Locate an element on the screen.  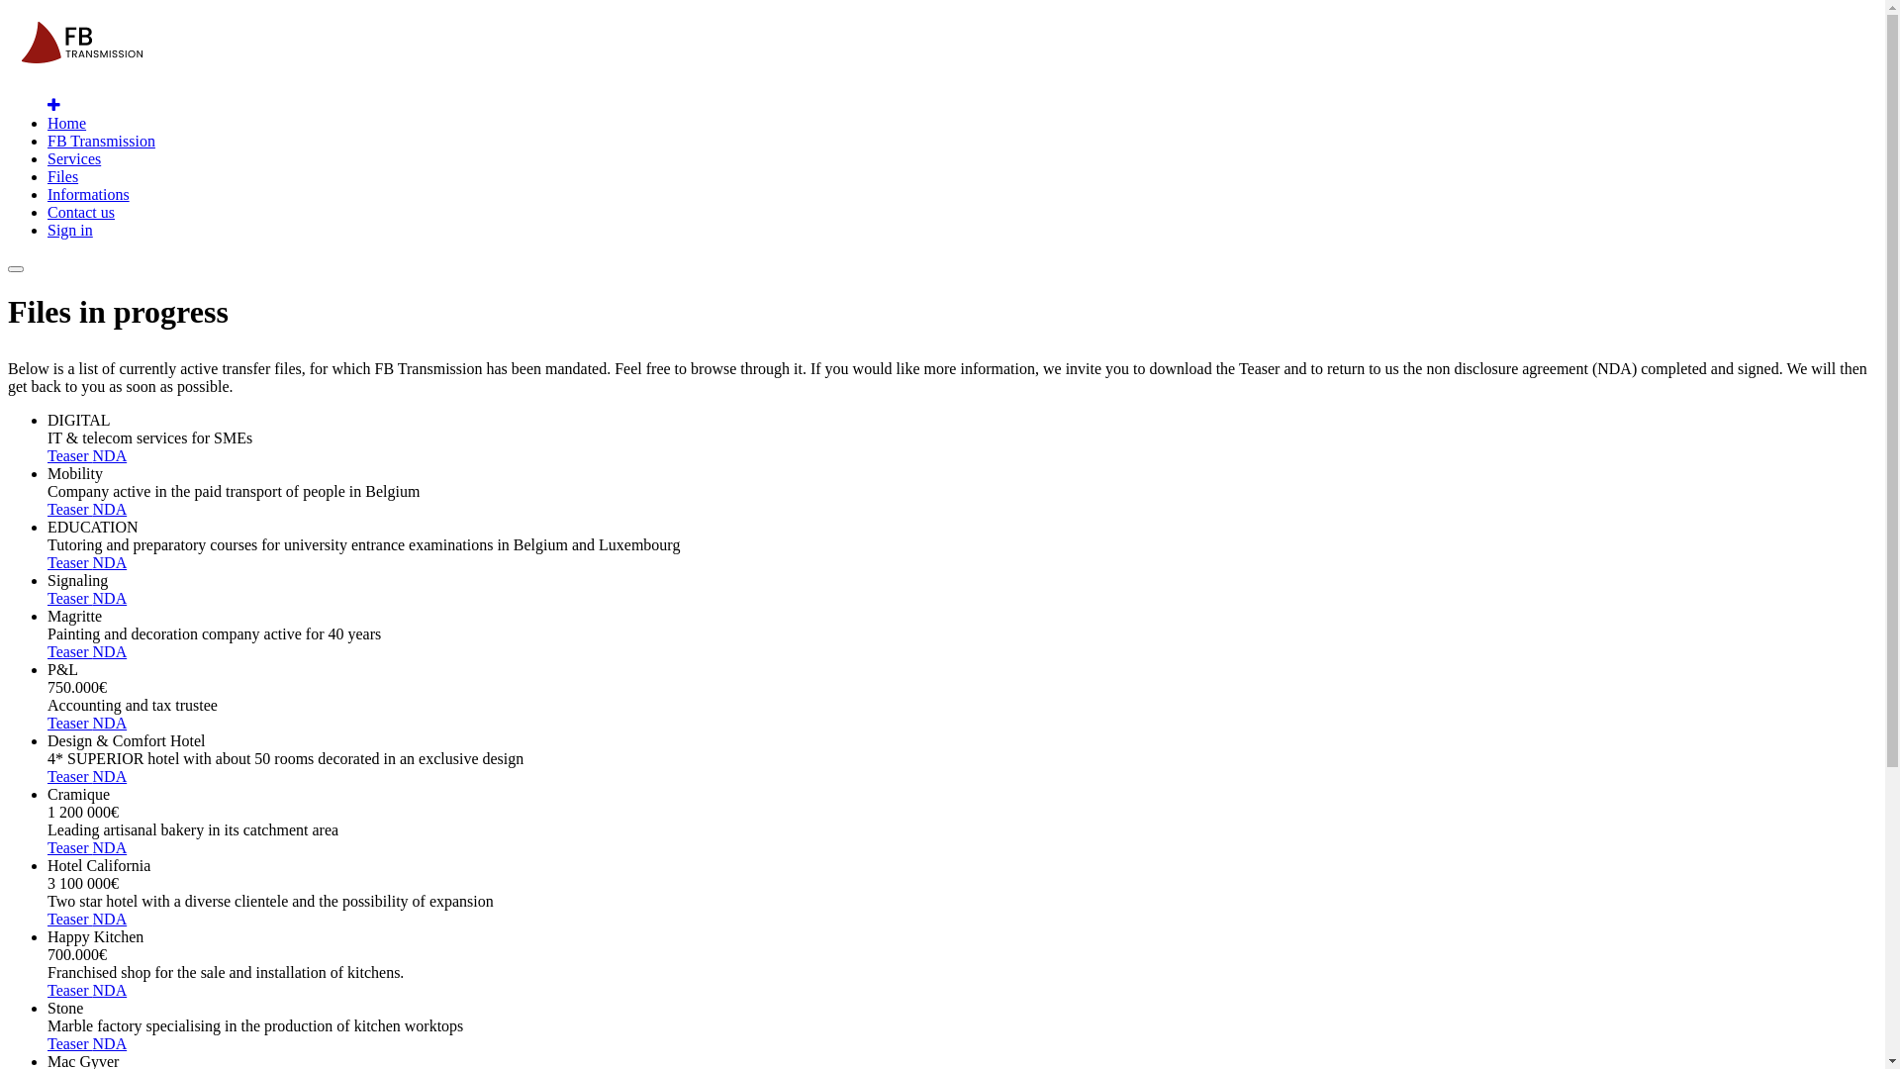
'Teaser' is located at coordinates (70, 562).